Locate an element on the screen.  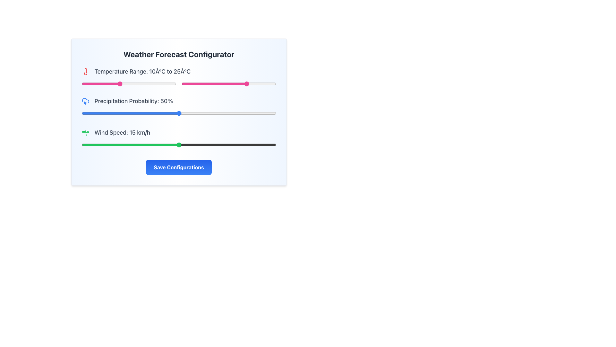
the precipitation probability is located at coordinates (171, 113).